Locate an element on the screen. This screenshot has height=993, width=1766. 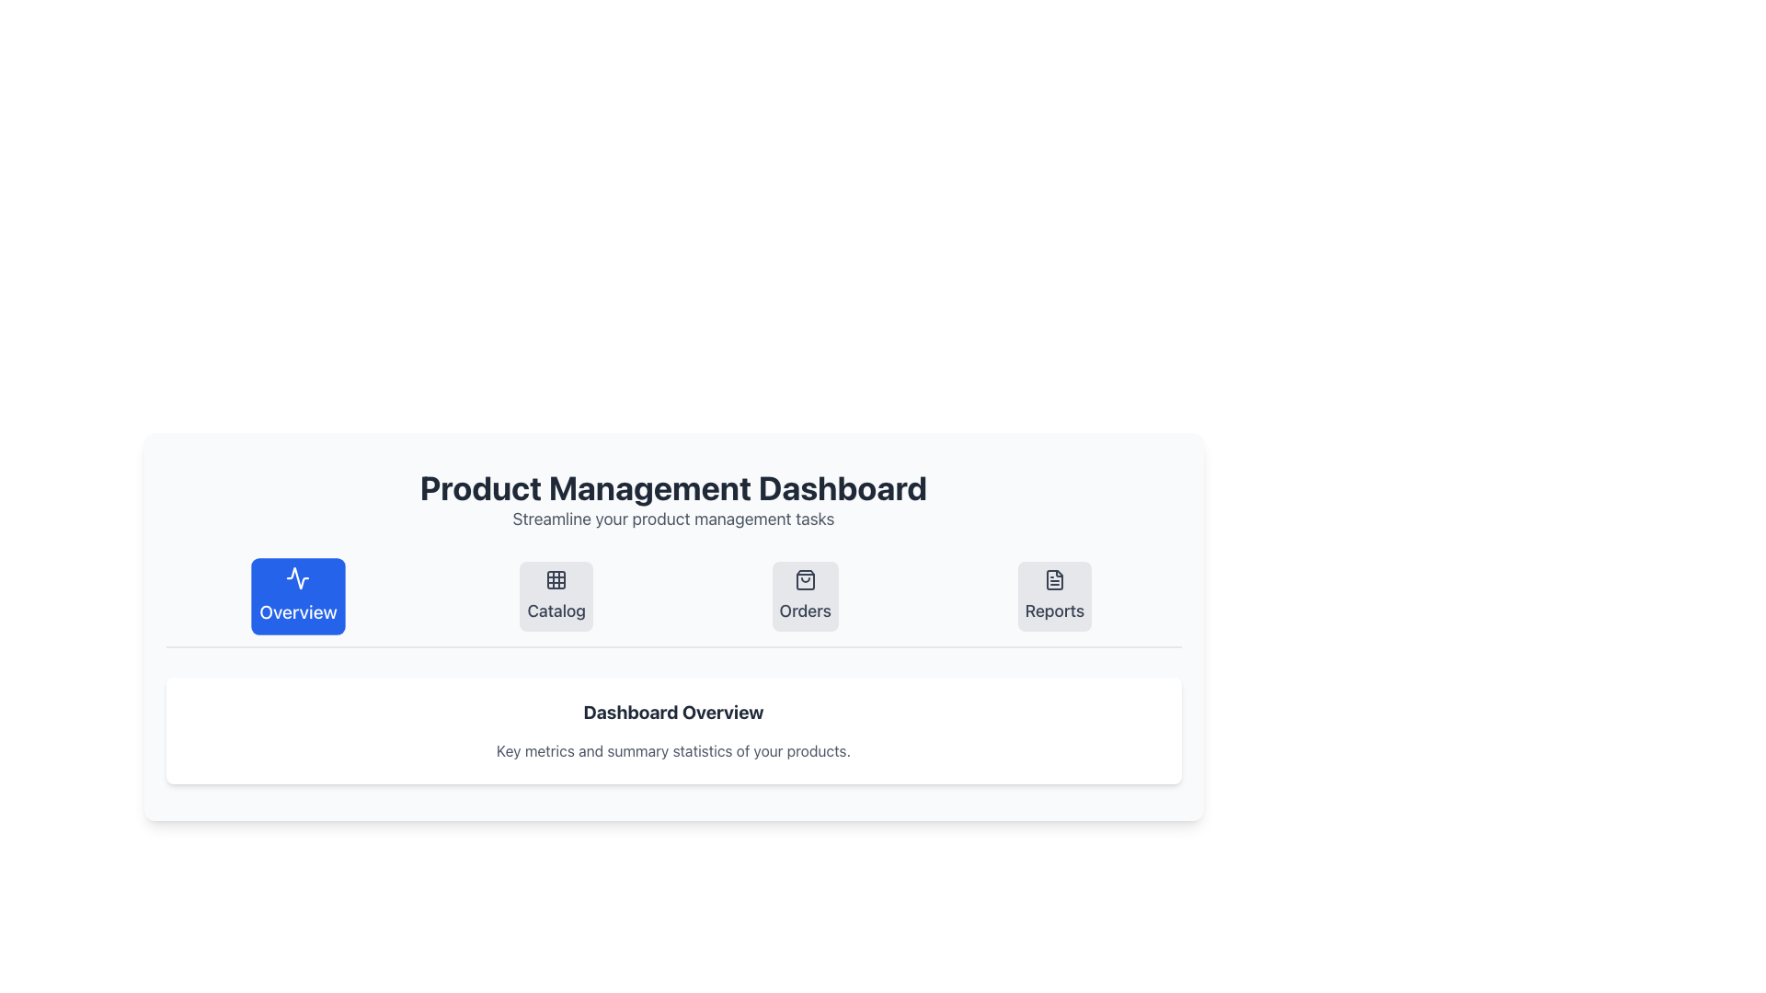
the 'Catalog' button in the navigation bar for accessibility is located at coordinates (556, 596).